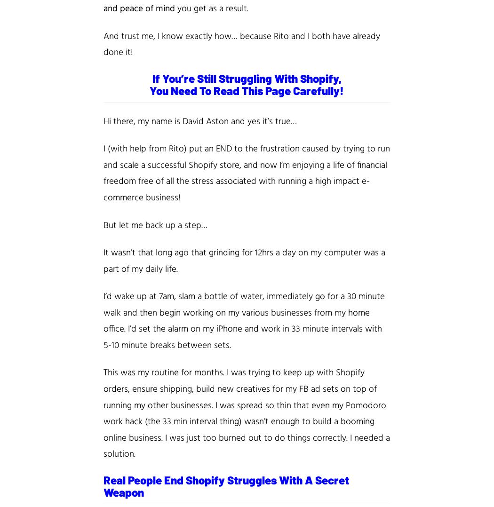  I want to click on 'trying to run and scale a successful Shopify store', so click(246, 156).